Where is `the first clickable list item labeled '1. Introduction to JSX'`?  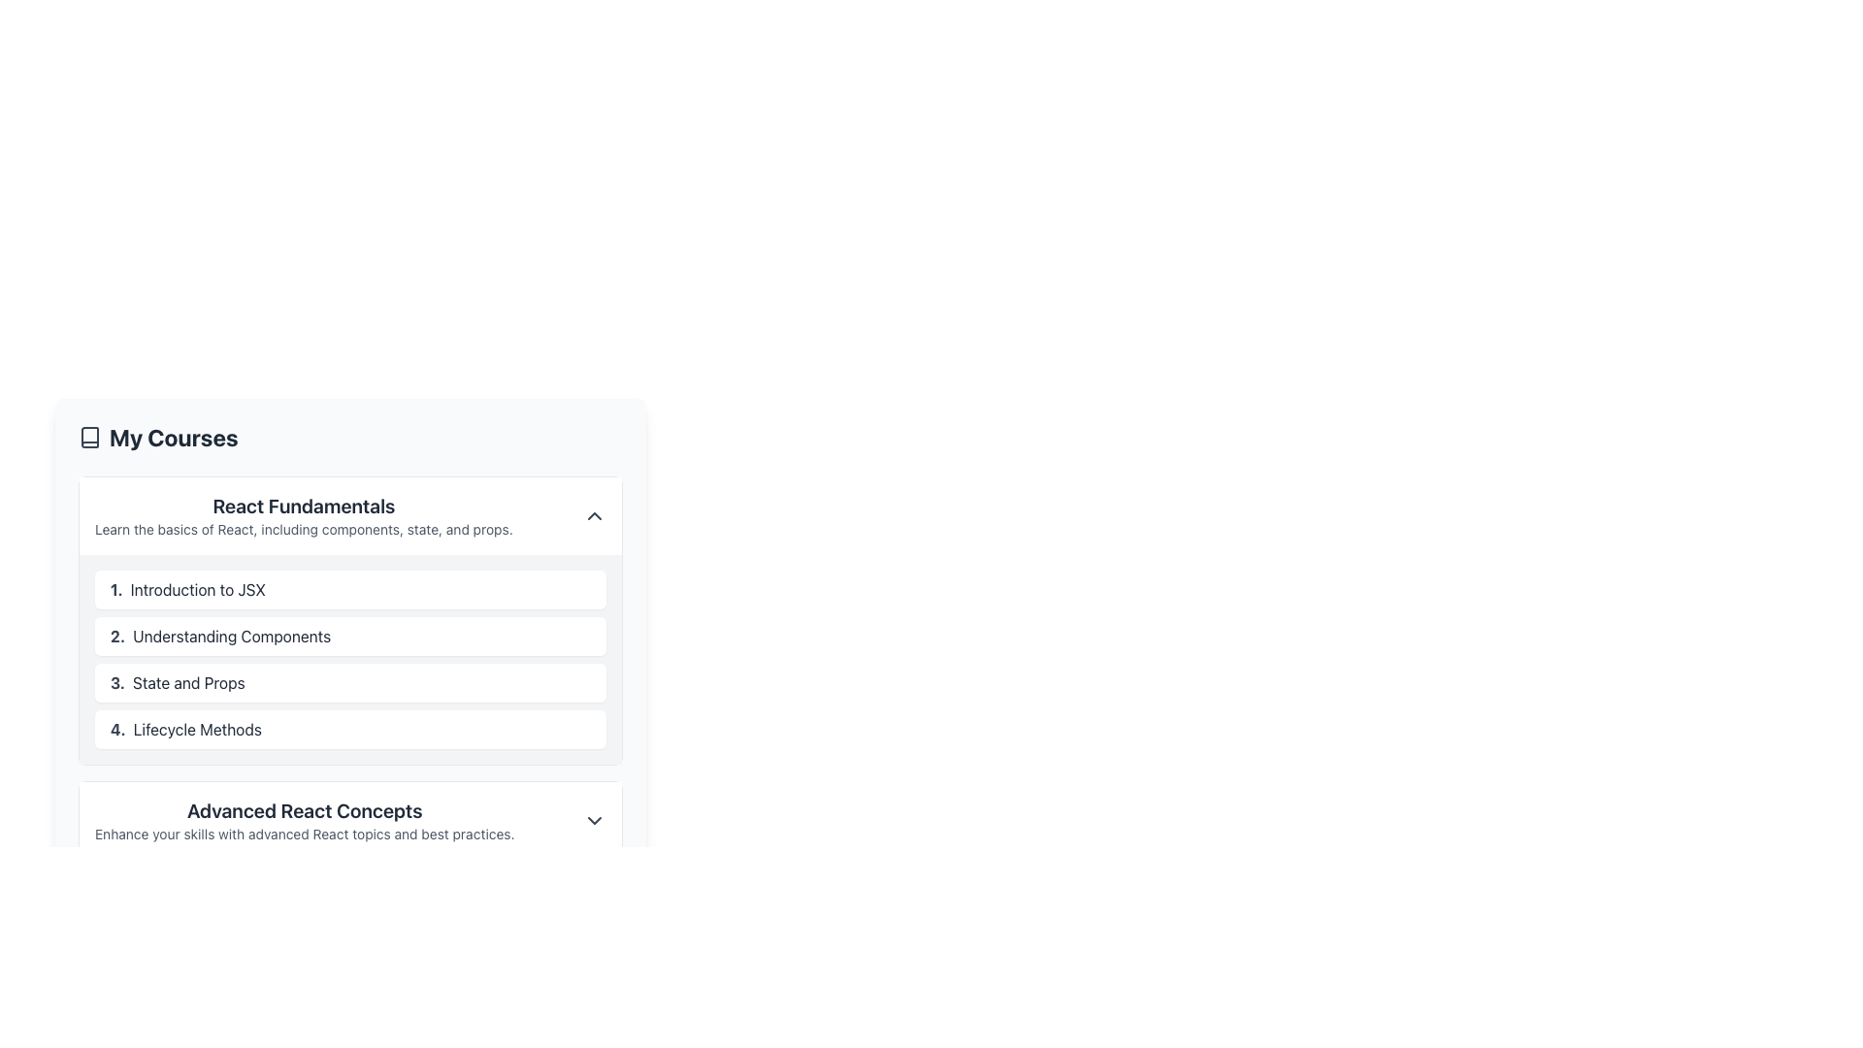
the first clickable list item labeled '1. Introduction to JSX' is located at coordinates (350, 589).